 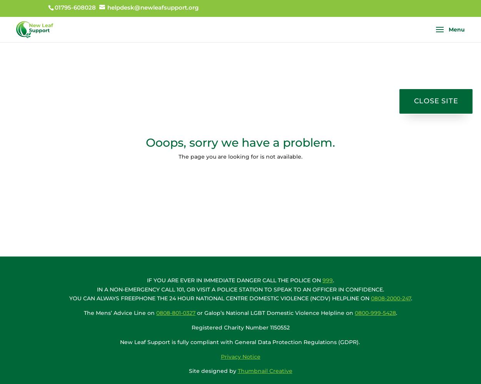 What do you see at coordinates (240, 157) in the screenshot?
I see `'The page you are looking for is not available.'` at bounding box center [240, 157].